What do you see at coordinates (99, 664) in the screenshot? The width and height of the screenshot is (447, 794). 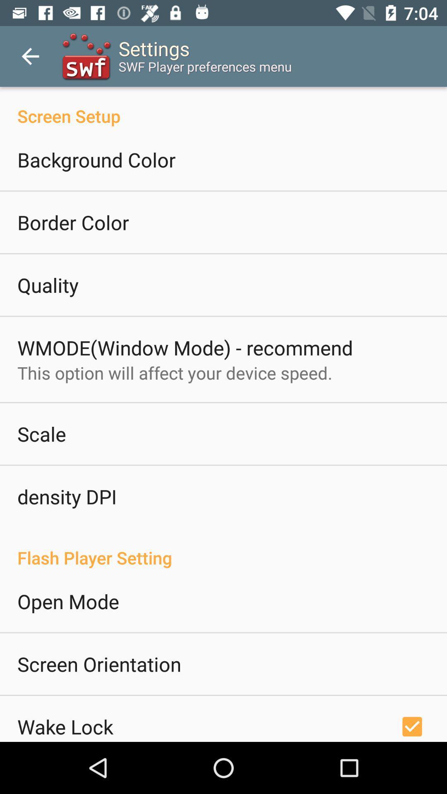 I see `the item above the wake lock item` at bounding box center [99, 664].